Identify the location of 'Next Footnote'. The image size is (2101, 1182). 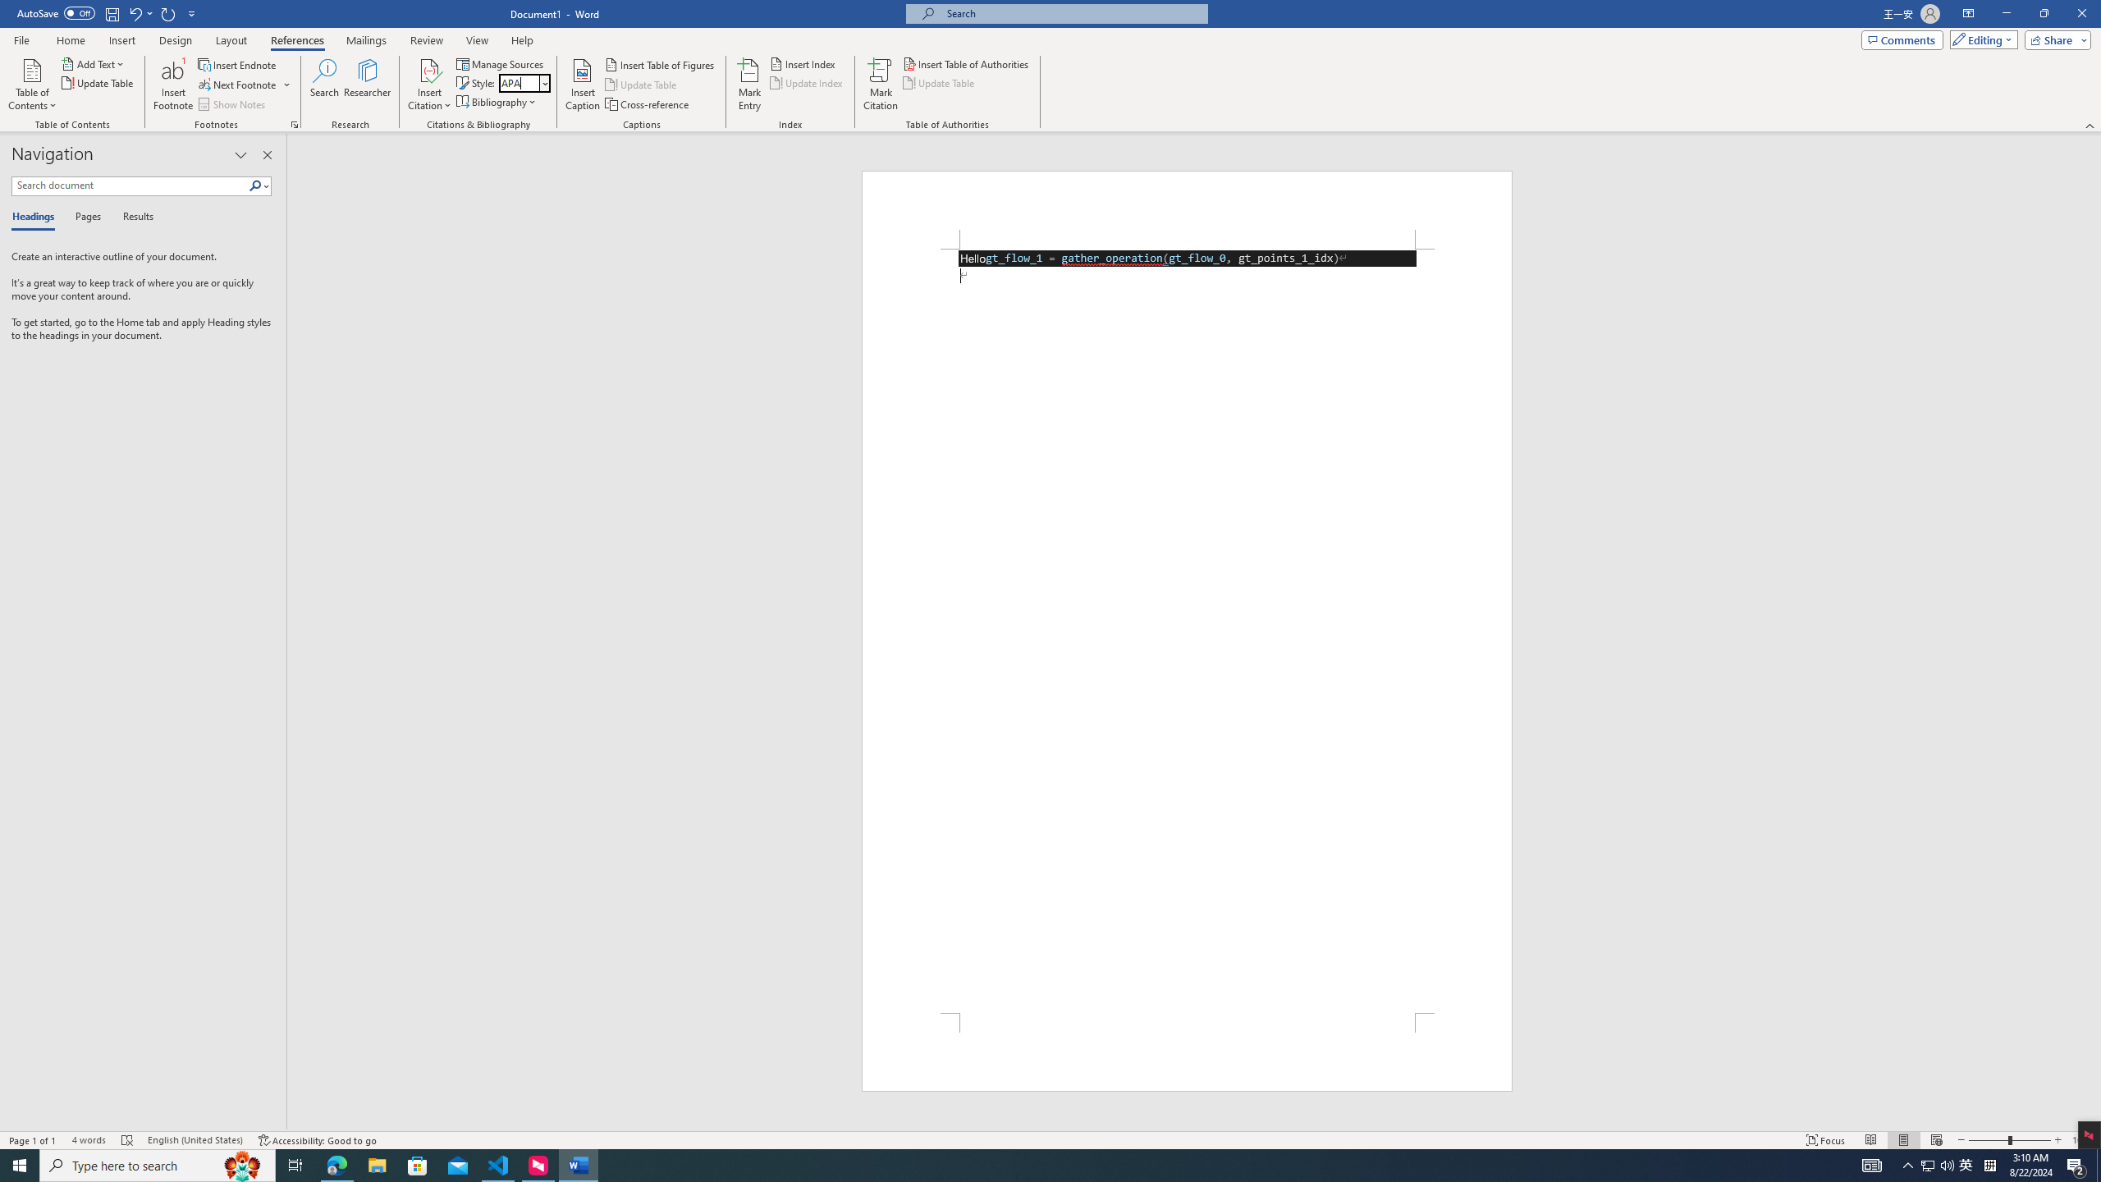
(237, 85).